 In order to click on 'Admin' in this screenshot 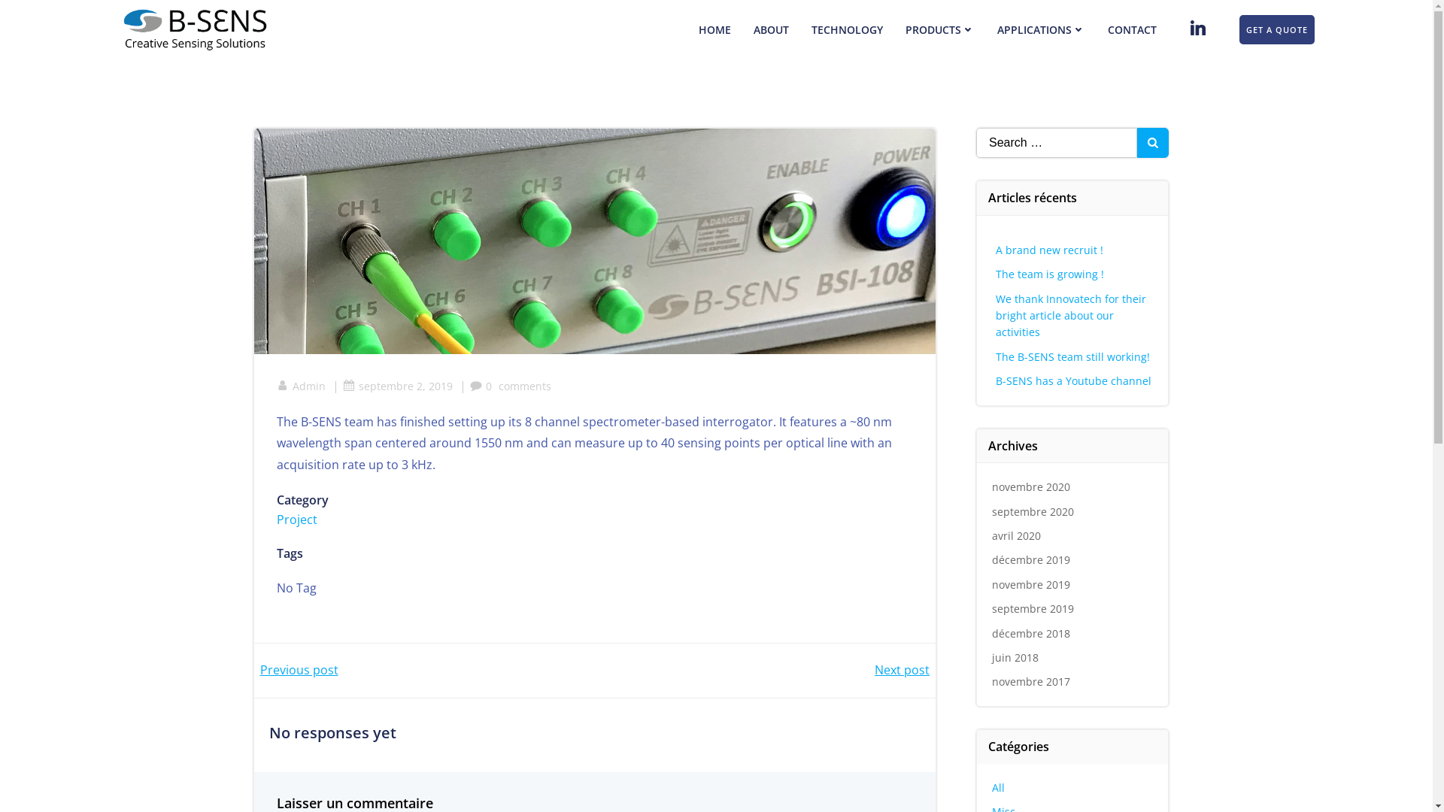, I will do `click(301, 385)`.